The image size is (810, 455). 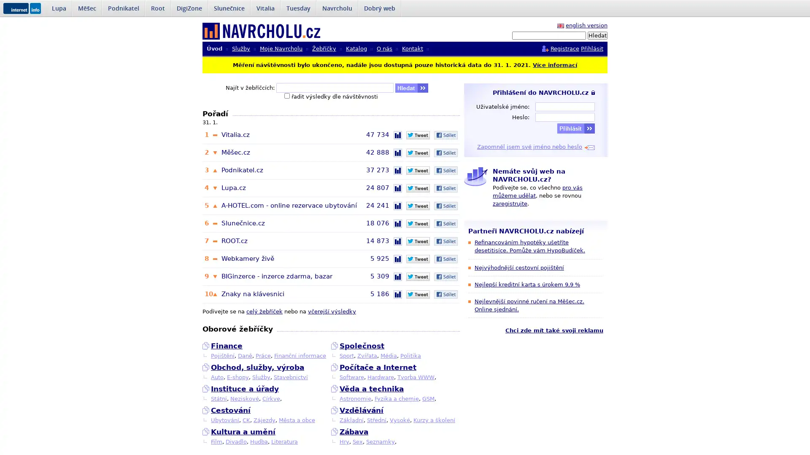 I want to click on Hledat, so click(x=597, y=35).